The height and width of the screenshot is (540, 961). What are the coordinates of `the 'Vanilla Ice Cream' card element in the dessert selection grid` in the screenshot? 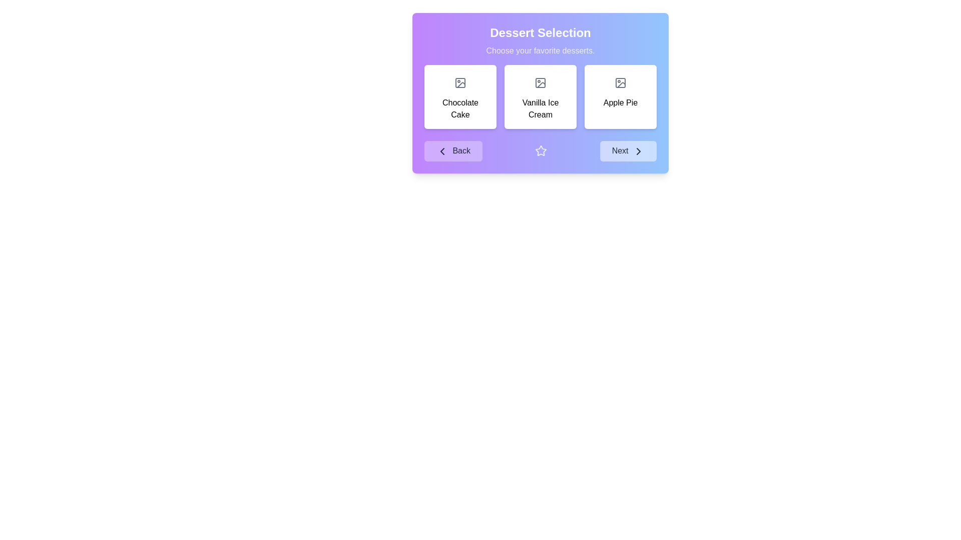 It's located at (540, 92).